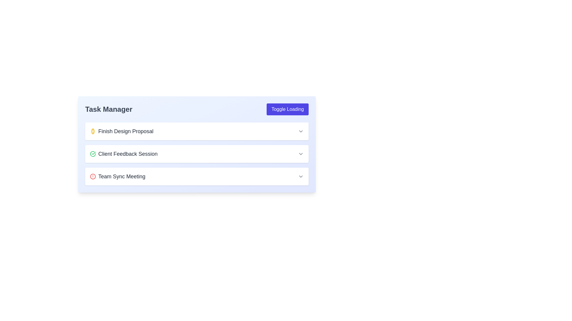  What do you see at coordinates (197, 131) in the screenshot?
I see `the task item titled 'Finish Design Proposal'` at bounding box center [197, 131].